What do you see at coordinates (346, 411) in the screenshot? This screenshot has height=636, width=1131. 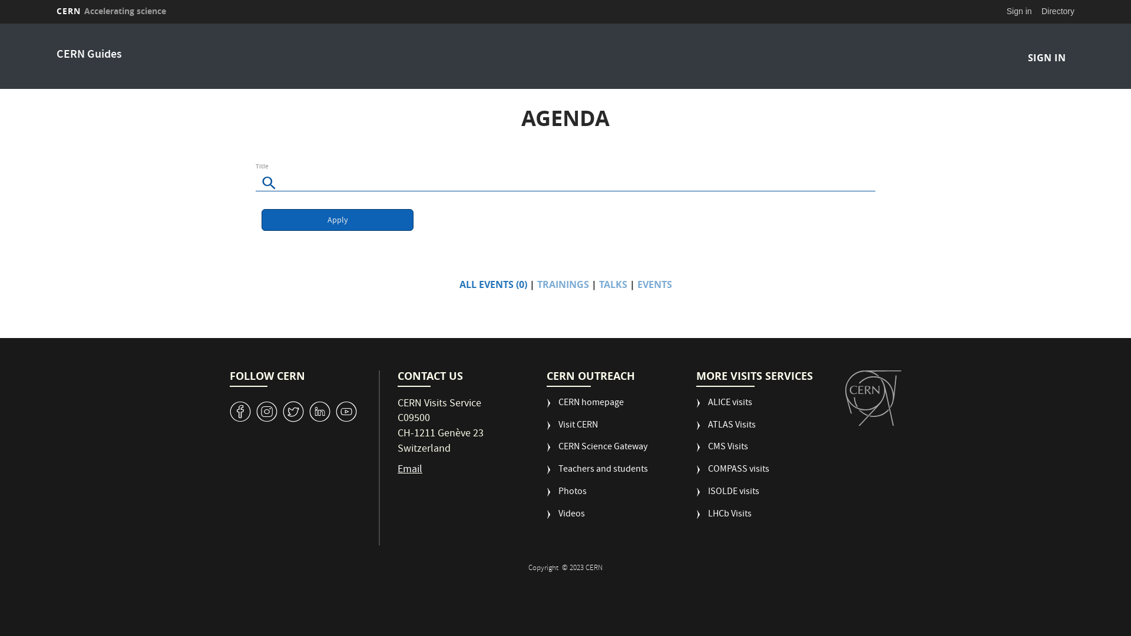 I see `'1'` at bounding box center [346, 411].